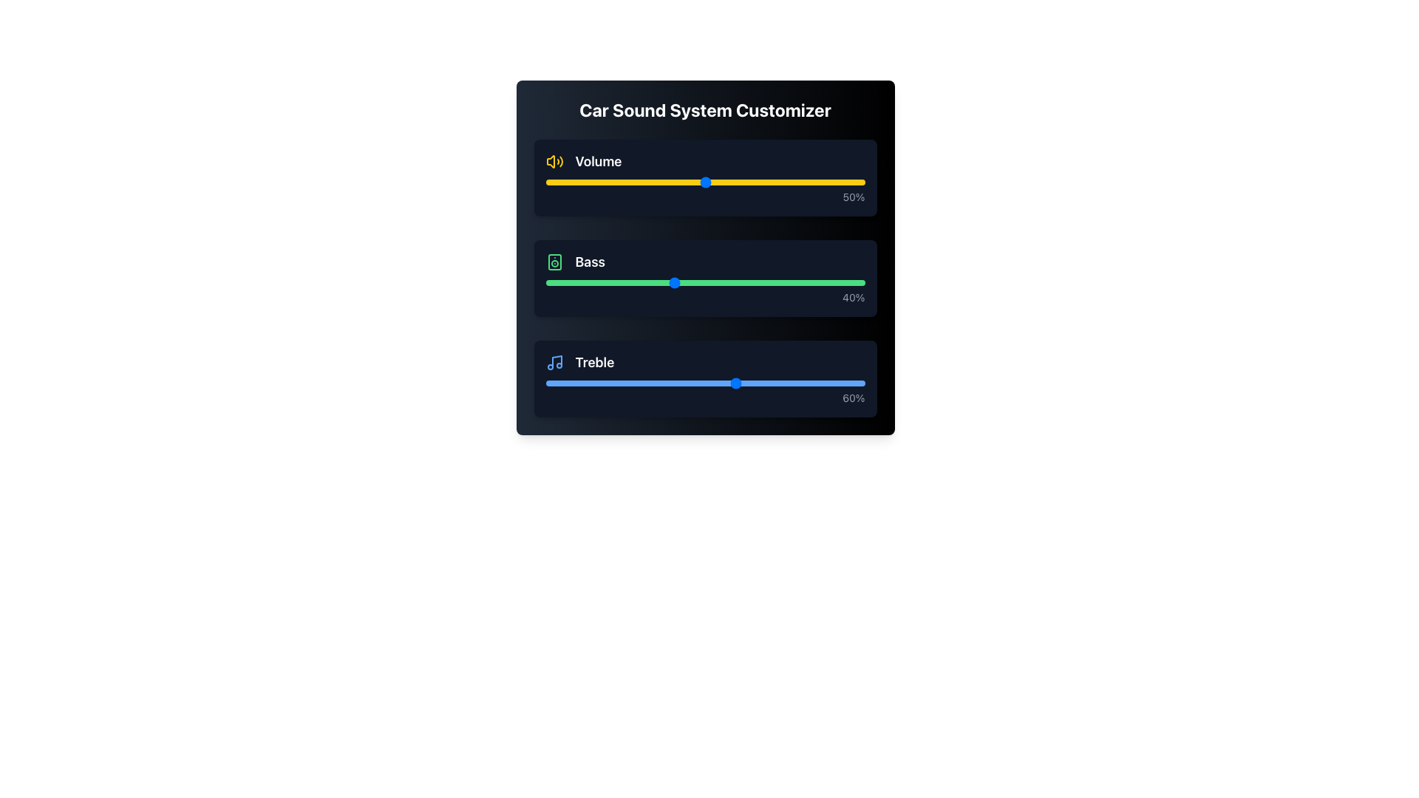 The height and width of the screenshot is (798, 1419). What do you see at coordinates (766, 181) in the screenshot?
I see `volume` at bounding box center [766, 181].